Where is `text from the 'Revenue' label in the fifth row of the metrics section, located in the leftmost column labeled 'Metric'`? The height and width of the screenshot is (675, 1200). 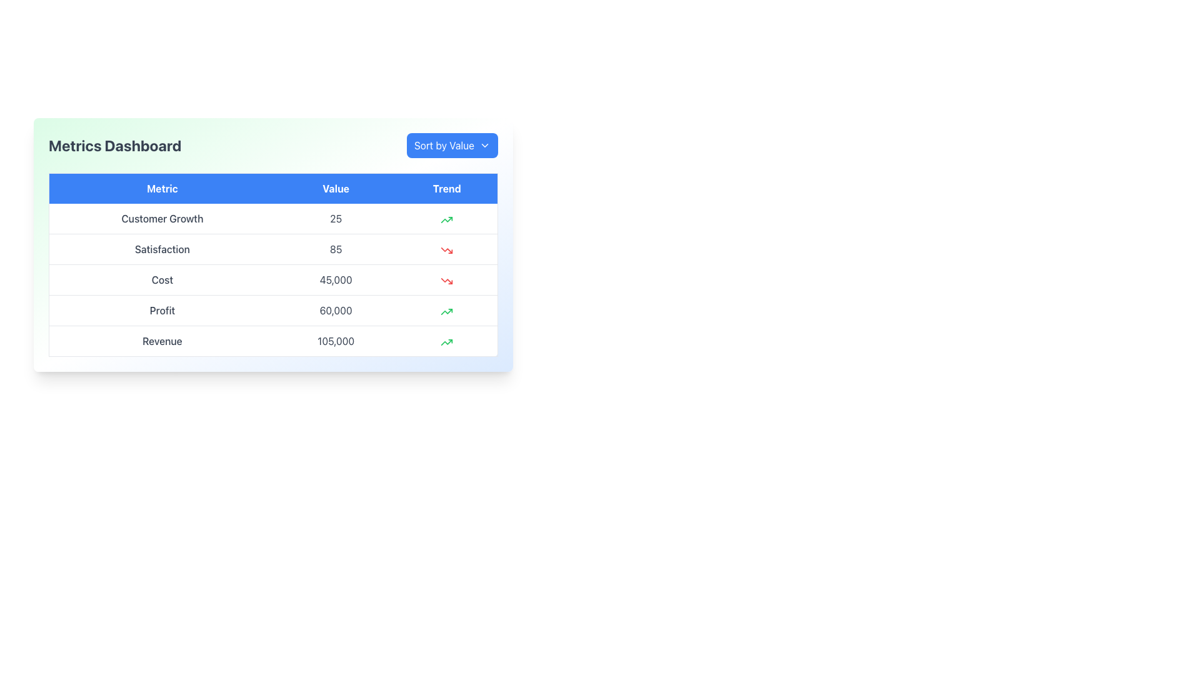
text from the 'Revenue' label in the fifth row of the metrics section, located in the leftmost column labeled 'Metric' is located at coordinates (161, 341).